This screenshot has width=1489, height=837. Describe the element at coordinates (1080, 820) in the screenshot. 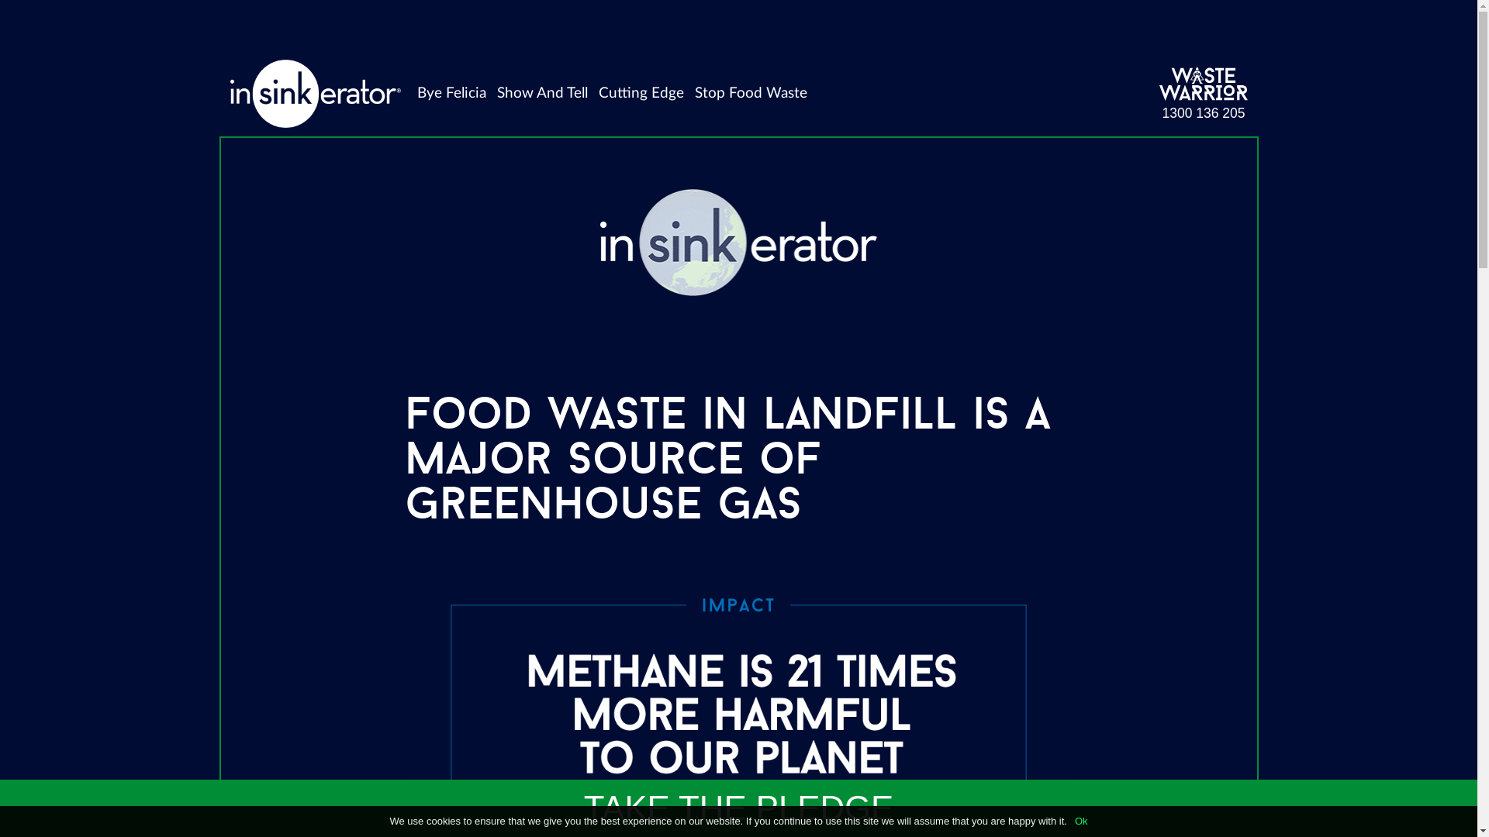

I see `'Ok'` at that location.